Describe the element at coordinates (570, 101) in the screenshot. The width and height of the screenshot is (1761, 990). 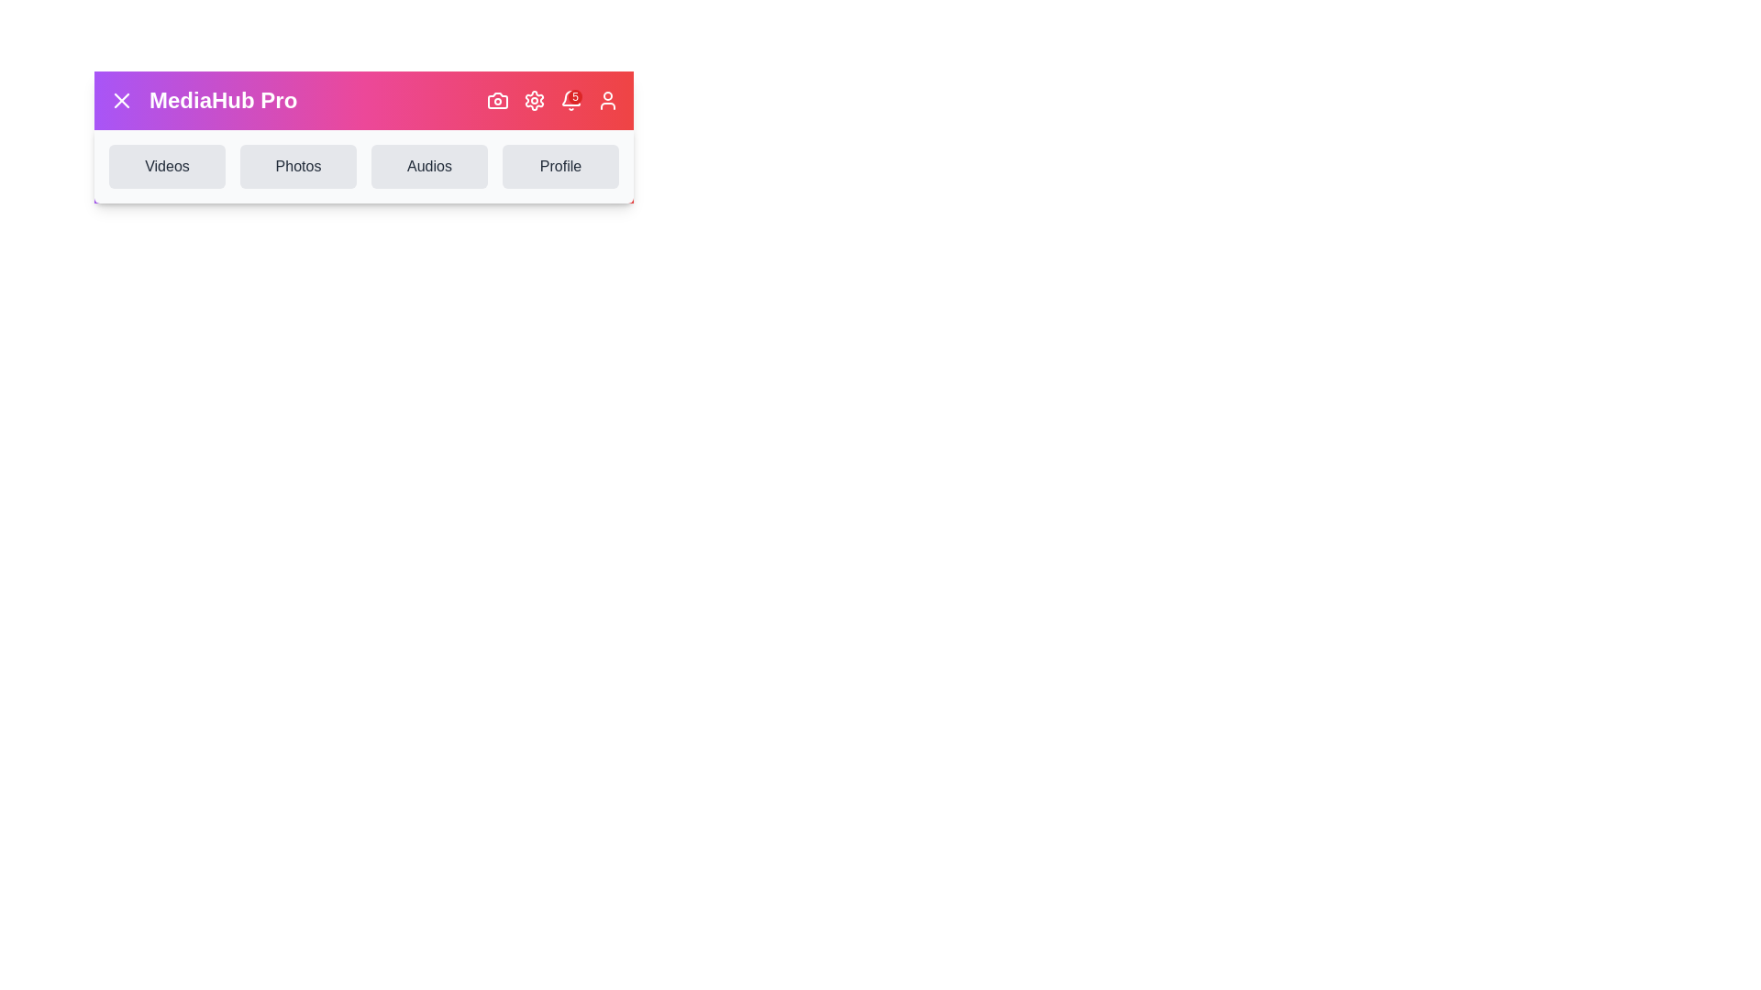
I see `bell icon to view notifications` at that location.